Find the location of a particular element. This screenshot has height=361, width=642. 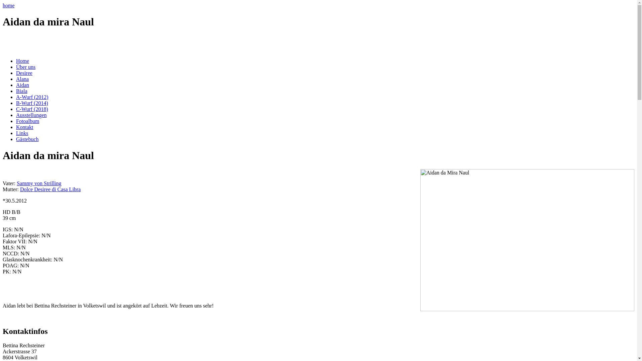

'Kontakt' is located at coordinates (16, 127).